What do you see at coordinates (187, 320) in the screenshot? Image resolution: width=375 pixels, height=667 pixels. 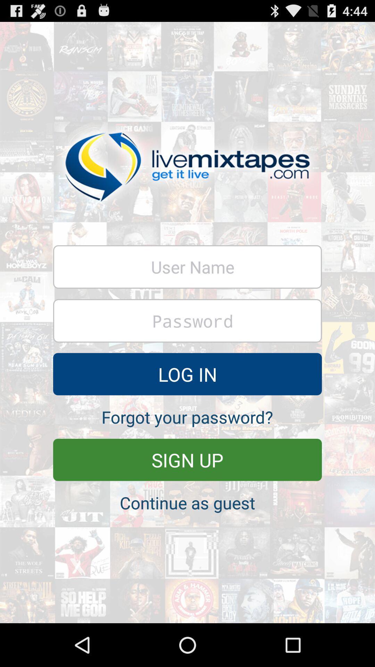 I see `most exclusive world premiere of any mixtape outlet of the highest quality` at bounding box center [187, 320].